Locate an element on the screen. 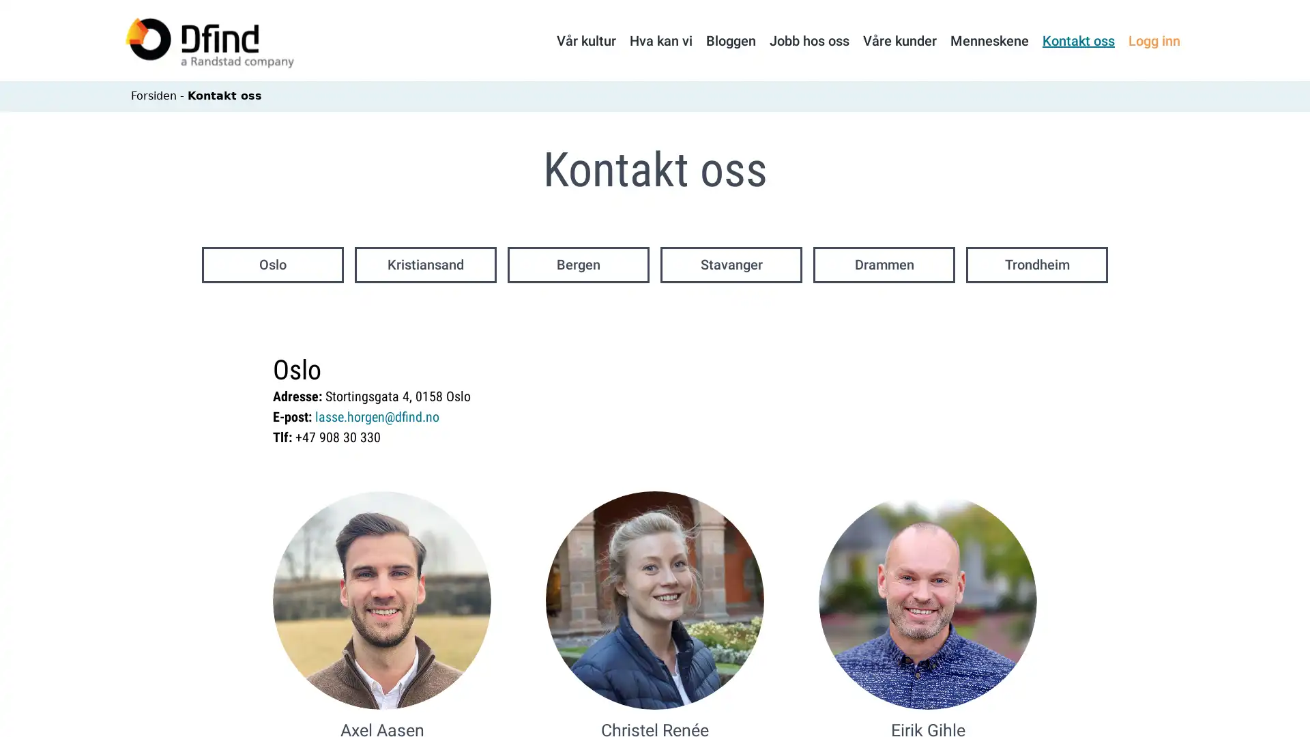 The image size is (1310, 737). Bergen is located at coordinates (579, 265).